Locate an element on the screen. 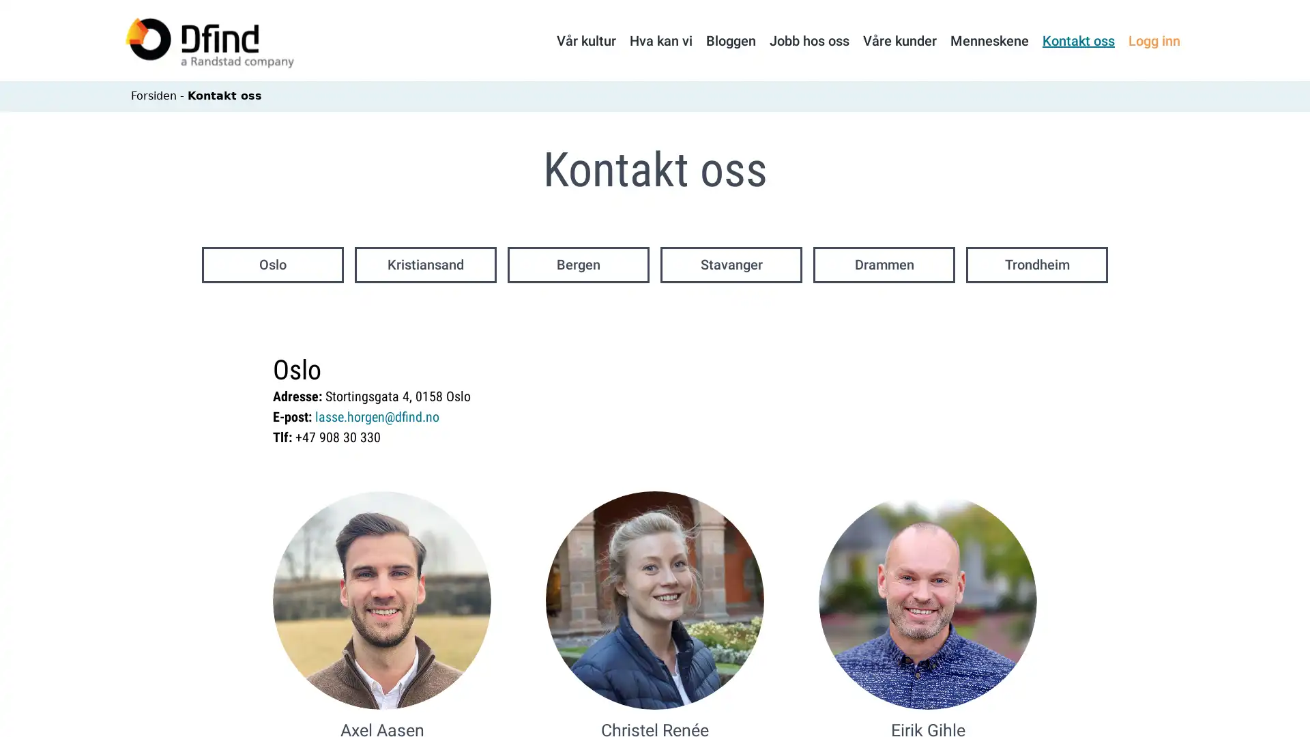 The image size is (1310, 737). Bergen is located at coordinates (579, 265).